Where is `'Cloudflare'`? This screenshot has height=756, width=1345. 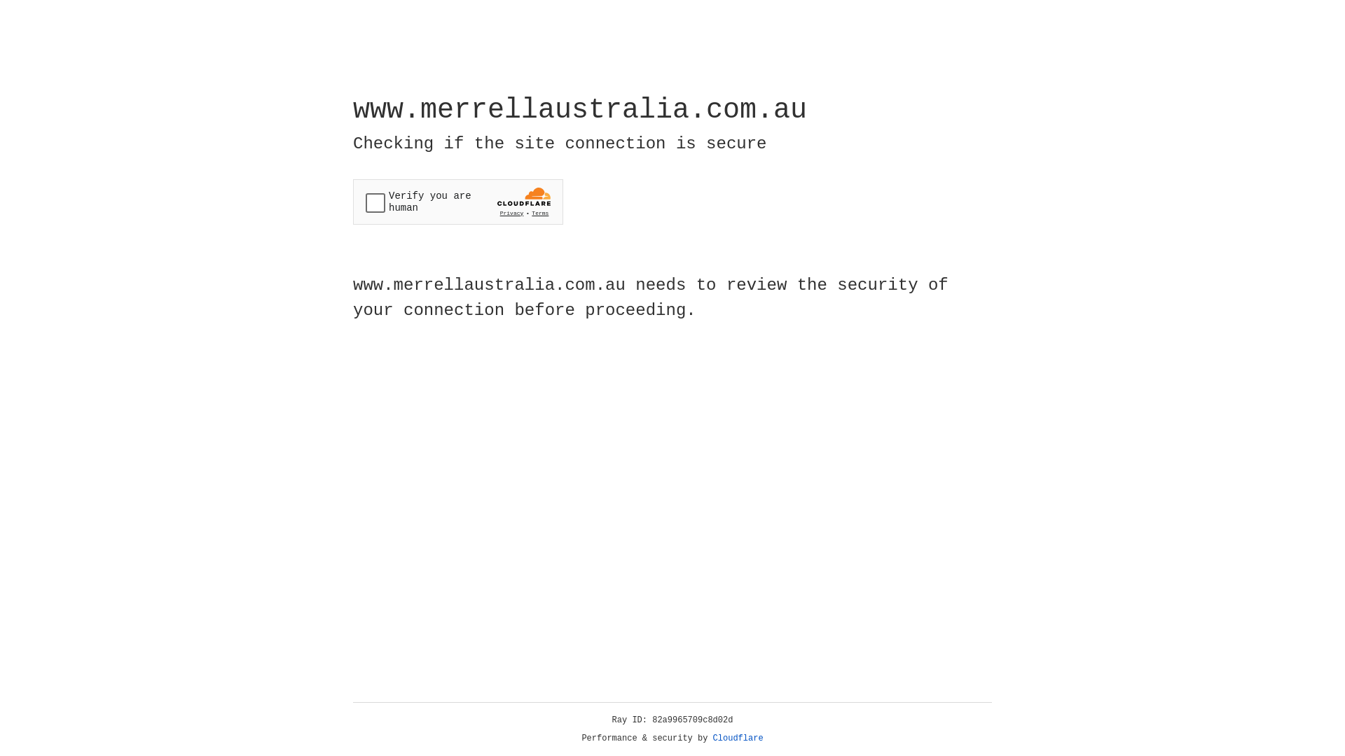
'Cloudflare' is located at coordinates (738, 738).